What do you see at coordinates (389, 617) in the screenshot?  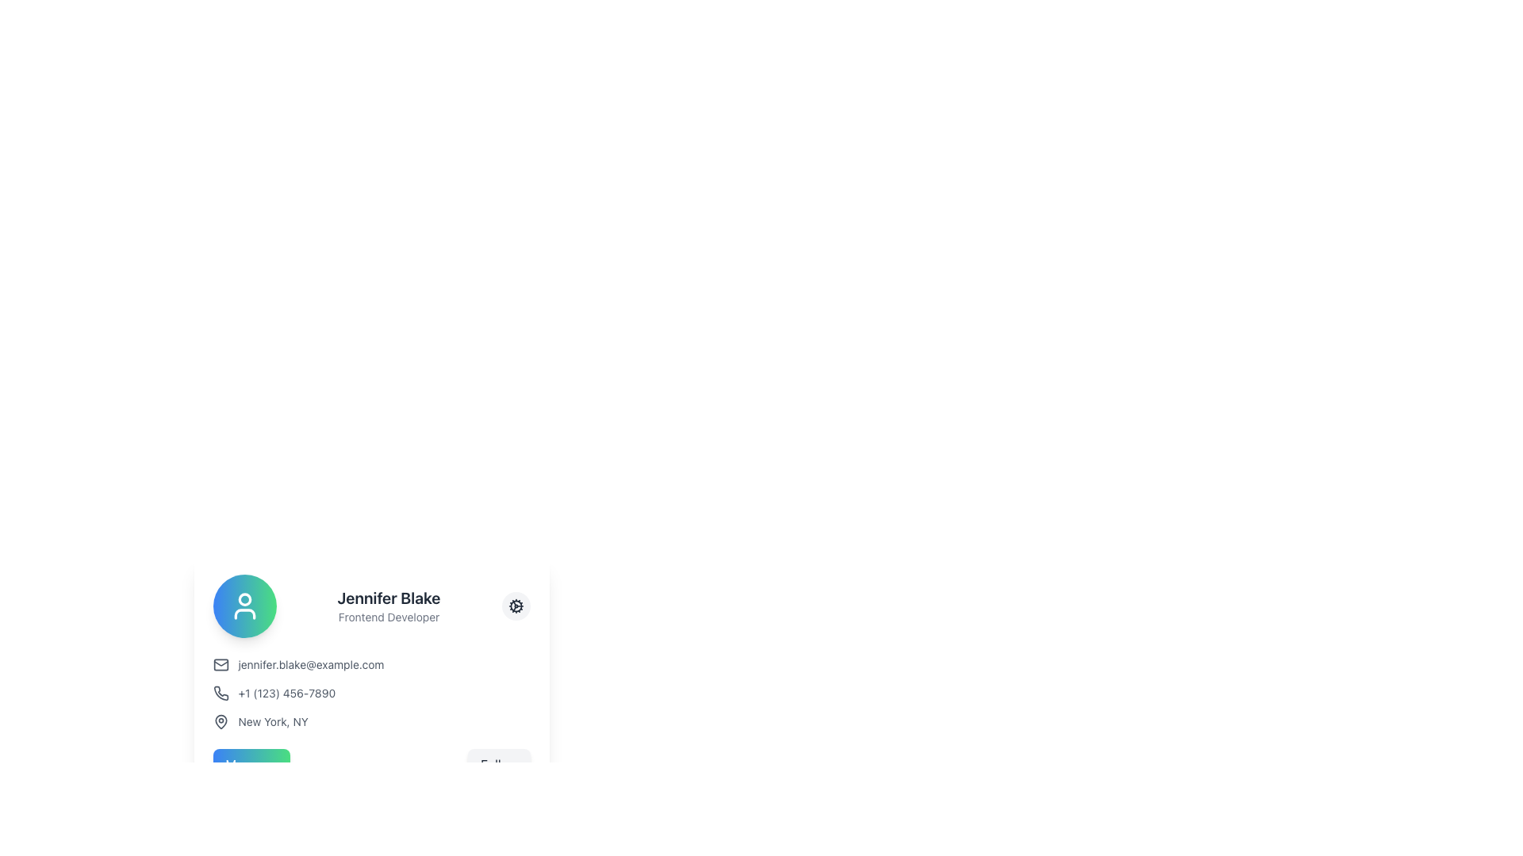 I see `the text block that reads 'Frontend Developer', styled in smaller, gray font and located directly below 'Jennifer Blake' in the user profile section` at bounding box center [389, 617].